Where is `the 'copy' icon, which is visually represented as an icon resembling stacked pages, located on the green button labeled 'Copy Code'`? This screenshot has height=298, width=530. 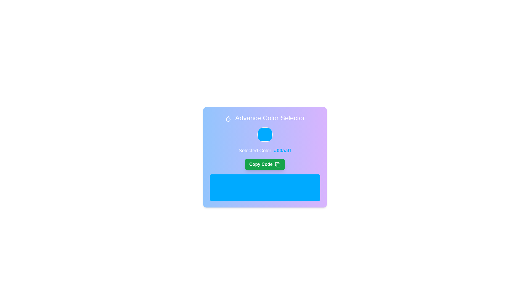
the 'copy' icon, which is visually represented as an icon resembling stacked pages, located on the green button labeled 'Copy Code' is located at coordinates (277, 164).